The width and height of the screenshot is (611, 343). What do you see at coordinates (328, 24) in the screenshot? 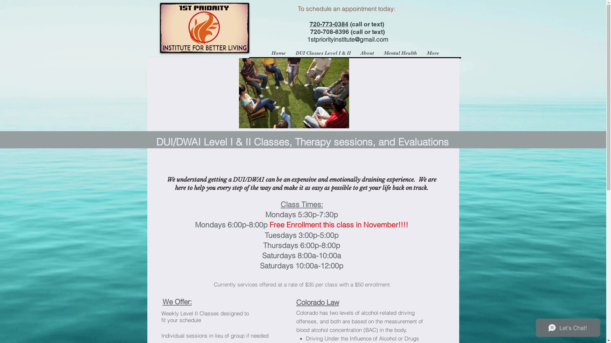
I see `'720-773-0384'` at bounding box center [328, 24].